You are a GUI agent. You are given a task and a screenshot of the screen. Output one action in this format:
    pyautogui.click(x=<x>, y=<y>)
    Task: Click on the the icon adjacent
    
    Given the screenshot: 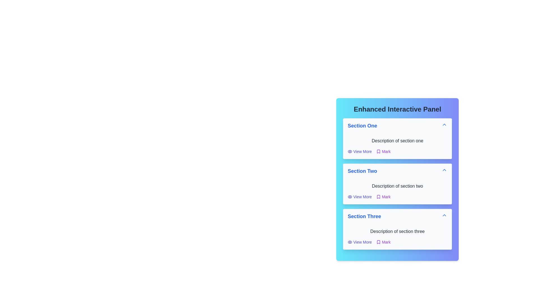 What is the action you would take?
    pyautogui.click(x=378, y=152)
    